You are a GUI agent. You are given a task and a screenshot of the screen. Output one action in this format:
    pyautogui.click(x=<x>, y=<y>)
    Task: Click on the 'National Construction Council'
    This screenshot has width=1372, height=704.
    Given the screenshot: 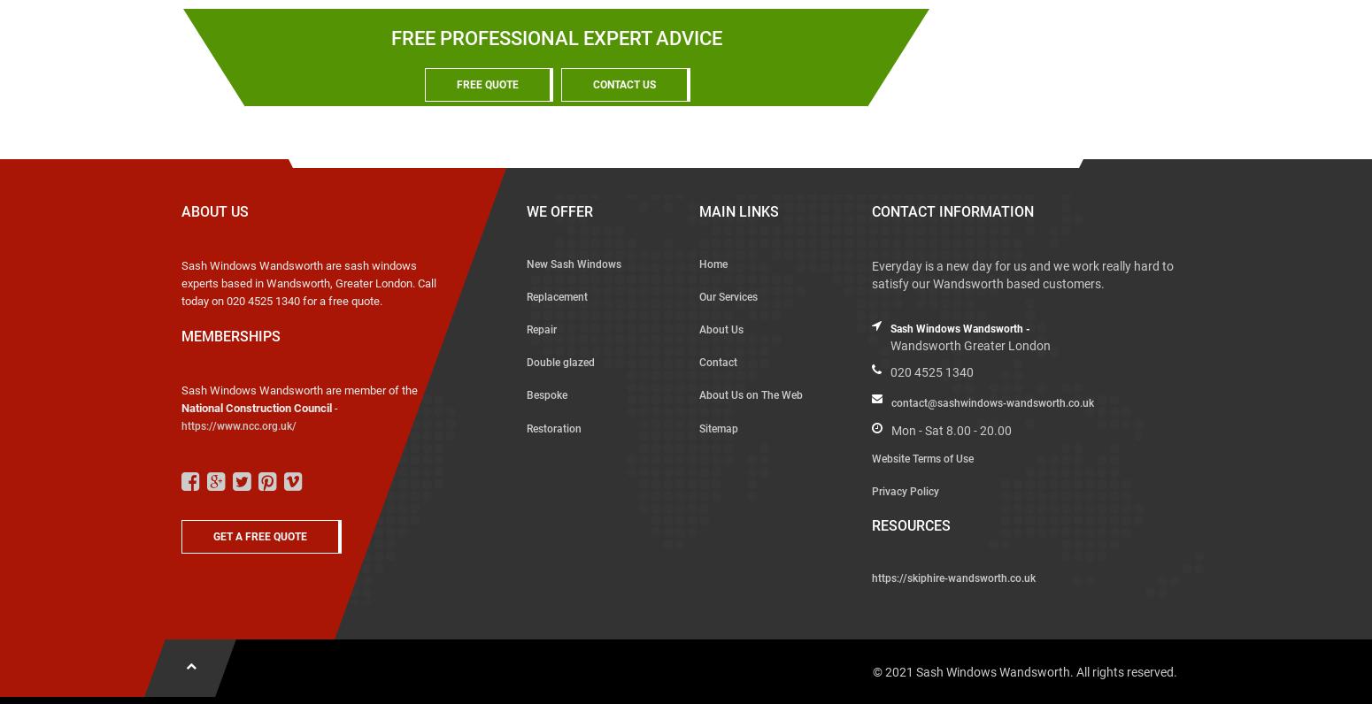 What is the action you would take?
    pyautogui.click(x=257, y=407)
    